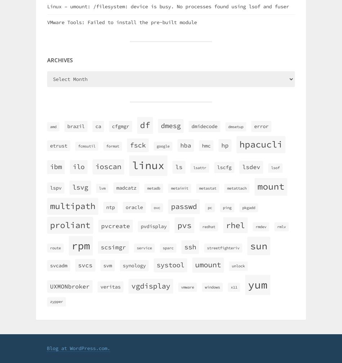 Image resolution: width=342 pixels, height=363 pixels. Describe the element at coordinates (270, 186) in the screenshot. I see `'mount'` at that location.